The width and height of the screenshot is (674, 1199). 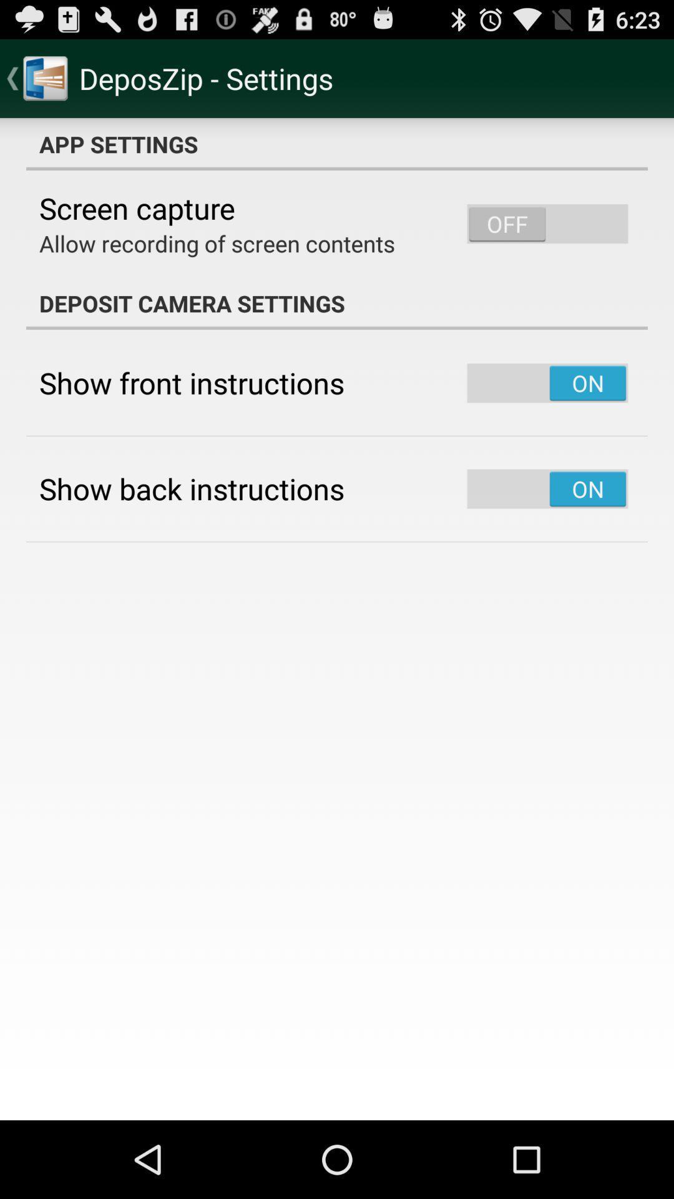 I want to click on the allow recording of, so click(x=216, y=243).